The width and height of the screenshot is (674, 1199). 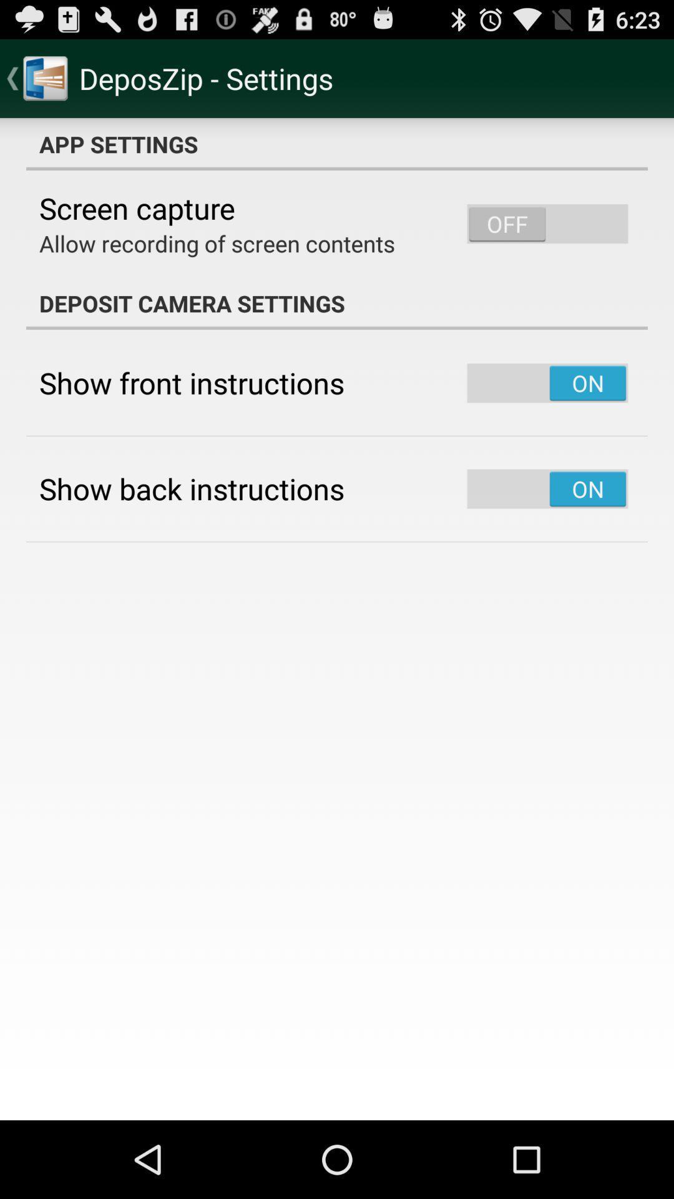 I want to click on the allow recording of, so click(x=216, y=243).